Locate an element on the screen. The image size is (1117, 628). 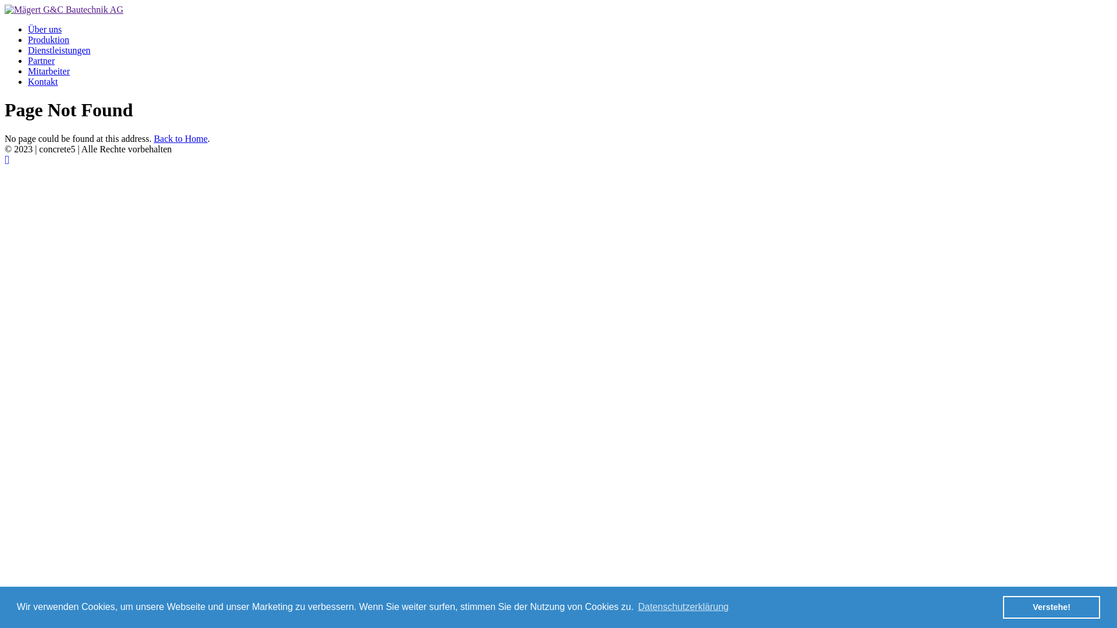
'Kontakt' is located at coordinates (42, 81).